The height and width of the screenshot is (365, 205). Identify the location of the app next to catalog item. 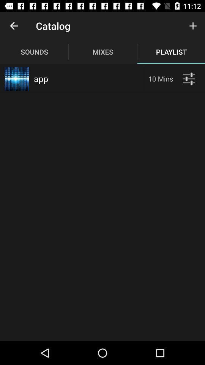
(14, 26).